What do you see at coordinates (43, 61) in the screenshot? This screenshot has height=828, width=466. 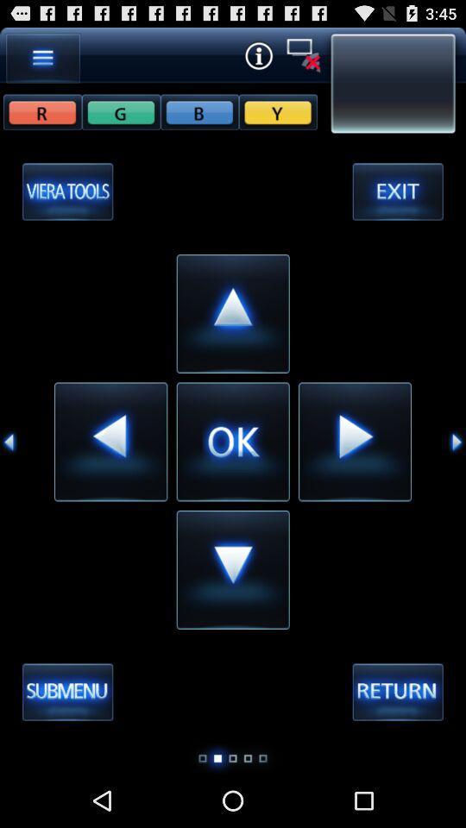 I see `the menu icon` at bounding box center [43, 61].